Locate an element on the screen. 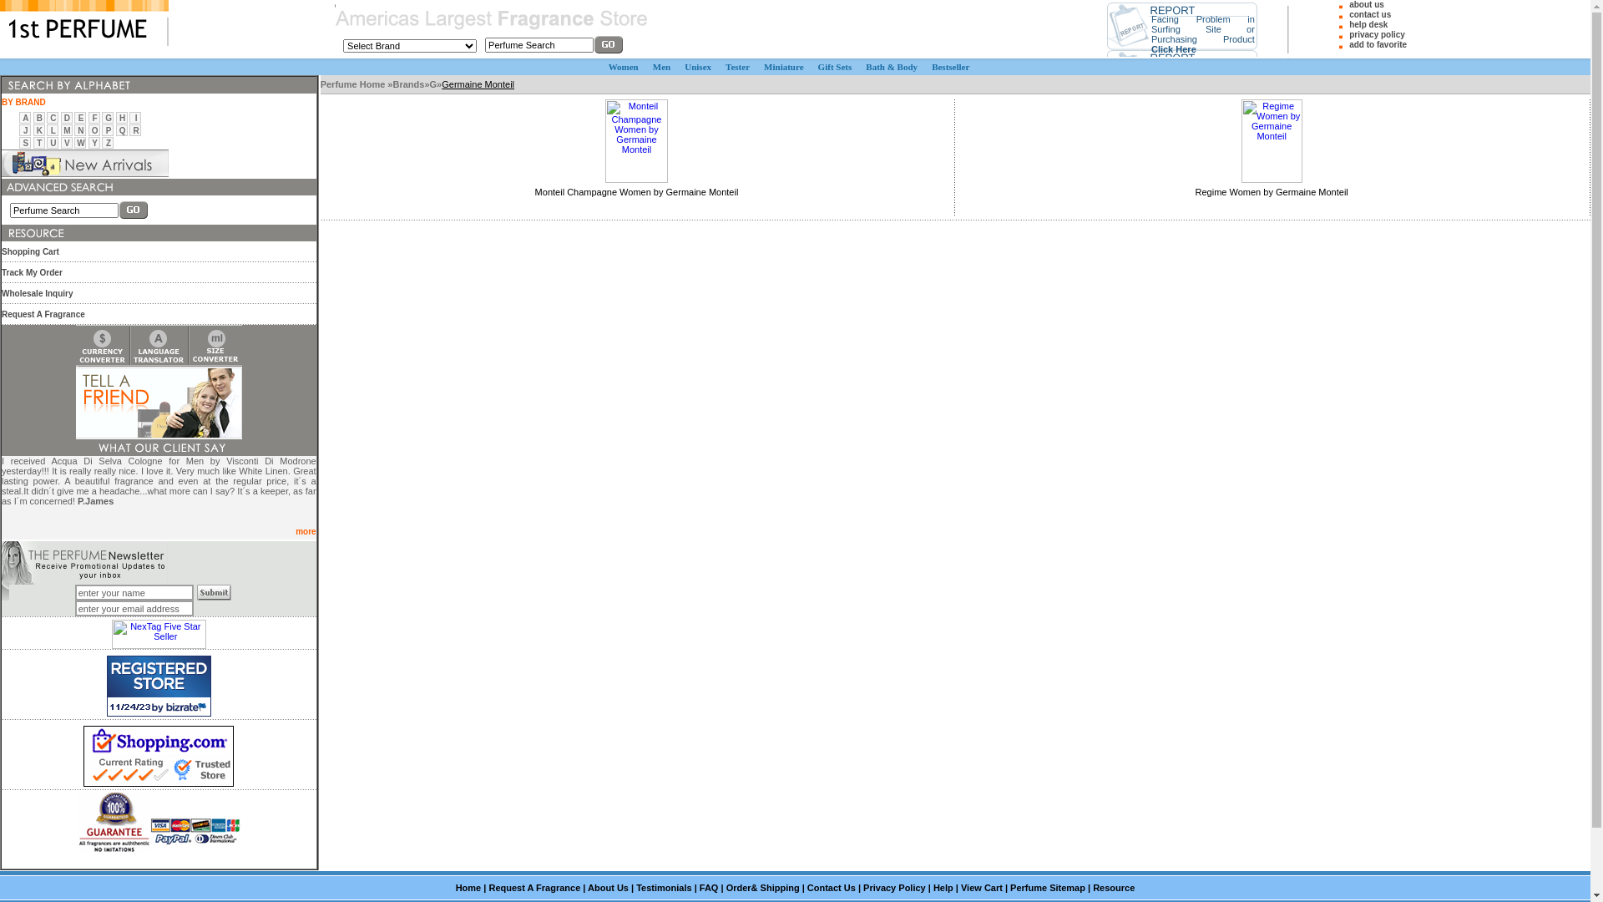 The image size is (1603, 902). 'Request A Fragrance' is located at coordinates (43, 313).